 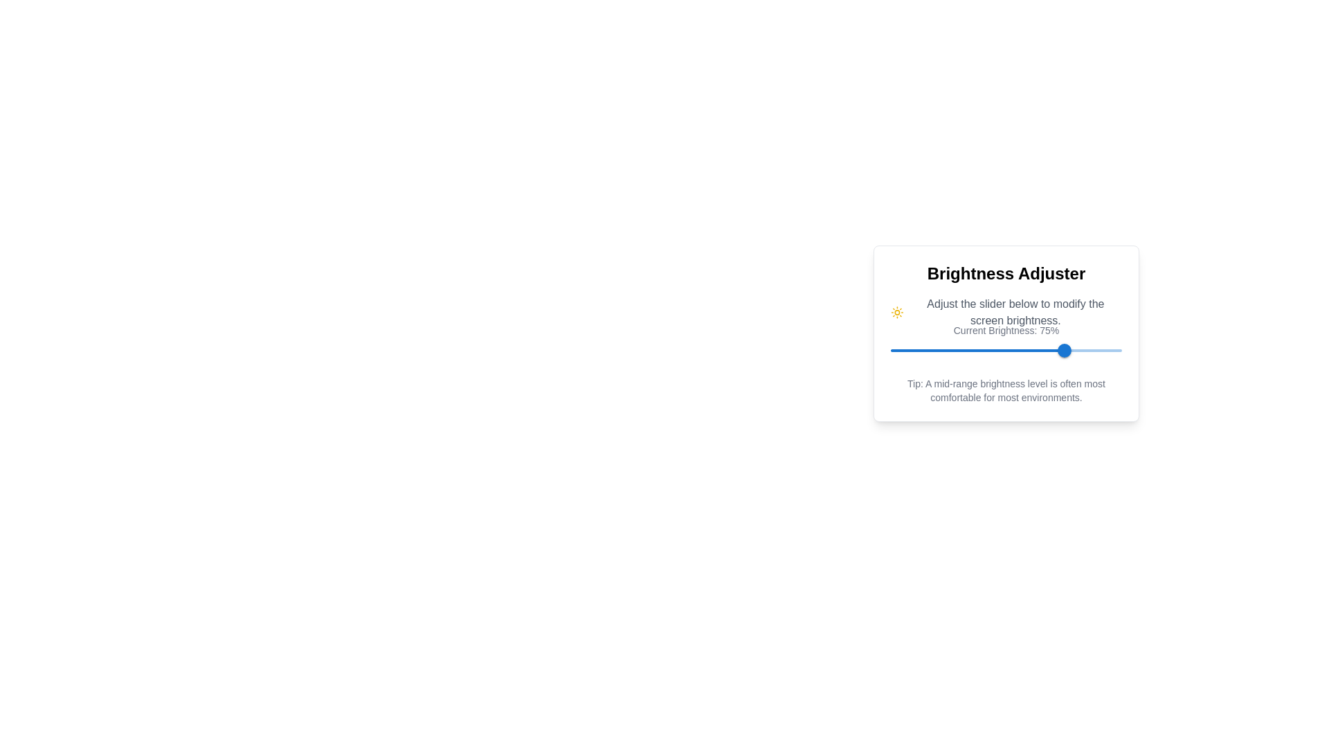 What do you see at coordinates (1006, 331) in the screenshot?
I see `the text label displaying 'Current Brightness: 75%' which is positioned above the slider control and has gray text styling` at bounding box center [1006, 331].